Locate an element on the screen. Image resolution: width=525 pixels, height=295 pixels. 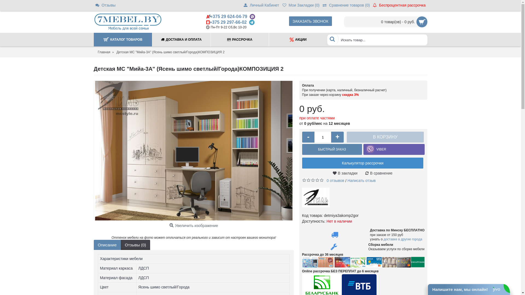
'+375 29 297-66-02' is located at coordinates (228, 22).